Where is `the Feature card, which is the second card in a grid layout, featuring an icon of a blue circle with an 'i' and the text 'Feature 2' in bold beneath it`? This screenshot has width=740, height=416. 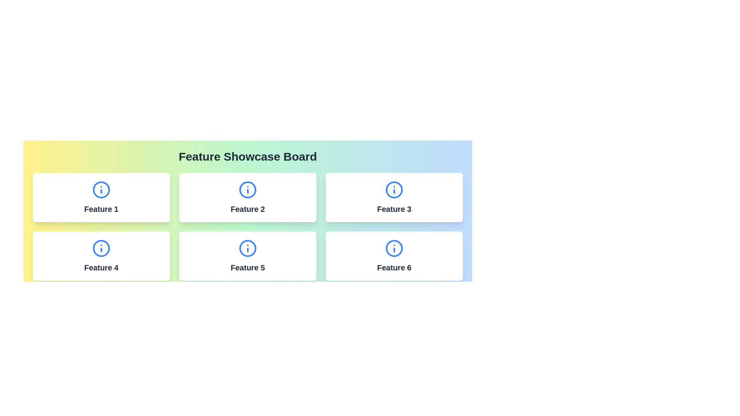 the Feature card, which is the second card in a grid layout, featuring an icon of a blue circle with an 'i' and the text 'Feature 2' in bold beneath it is located at coordinates (248, 197).